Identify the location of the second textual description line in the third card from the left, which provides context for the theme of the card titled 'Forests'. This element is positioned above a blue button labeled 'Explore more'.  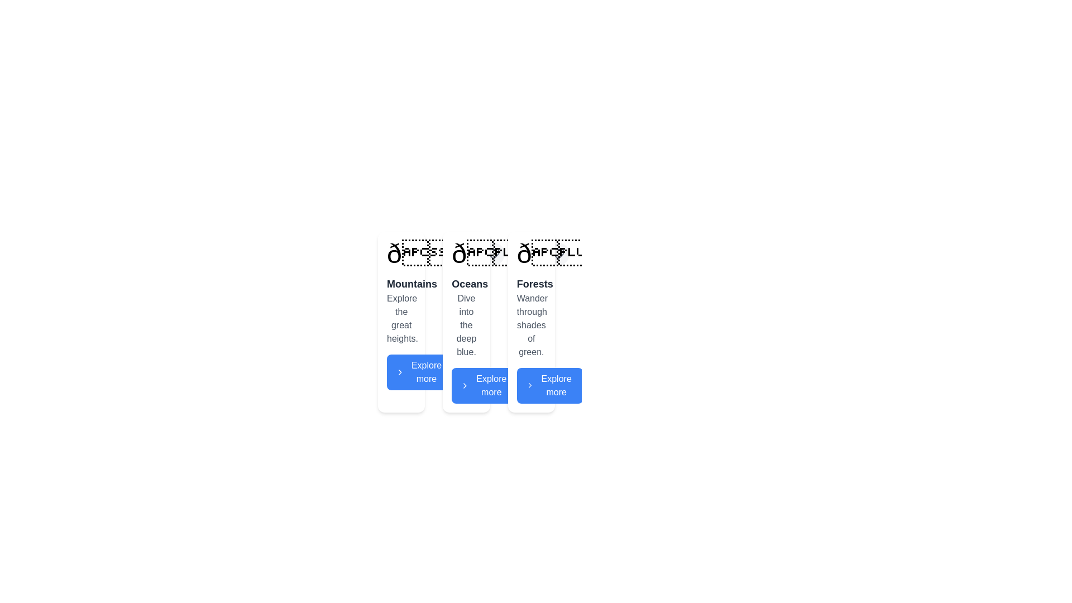
(530, 325).